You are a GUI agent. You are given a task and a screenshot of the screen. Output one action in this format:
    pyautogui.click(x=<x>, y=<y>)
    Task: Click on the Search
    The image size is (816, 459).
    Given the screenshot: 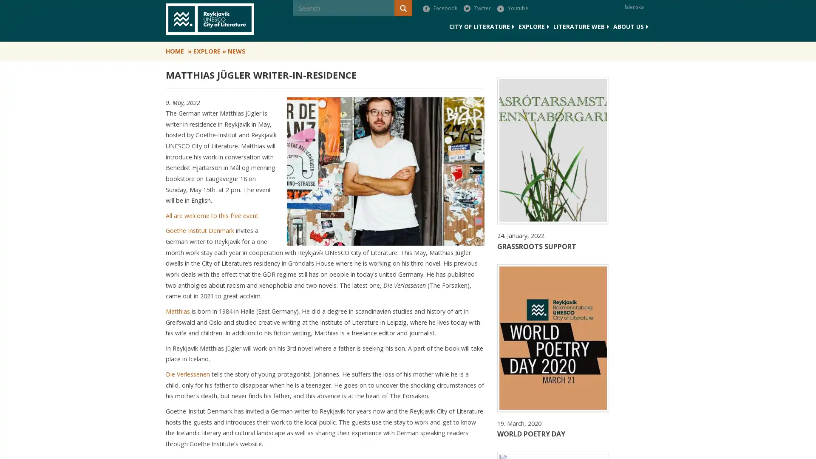 What is the action you would take?
    pyautogui.click(x=294, y=24)
    